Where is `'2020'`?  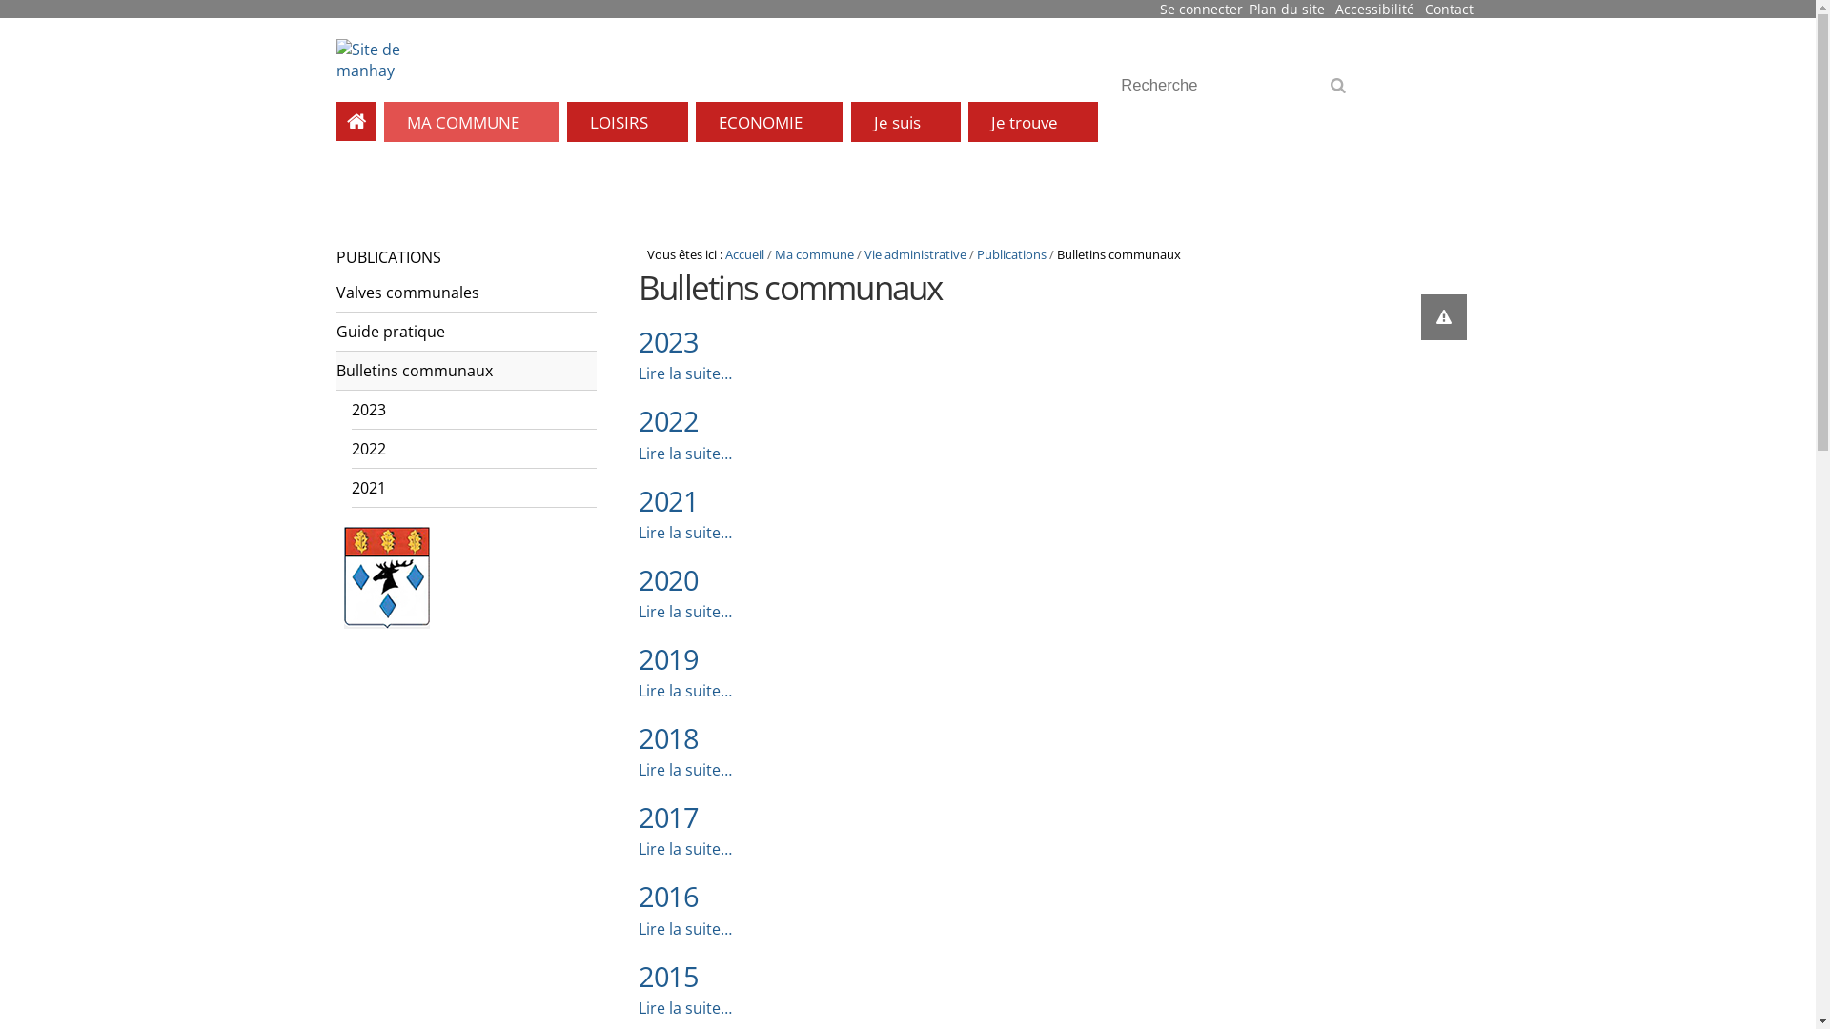 '2020' is located at coordinates (667, 578).